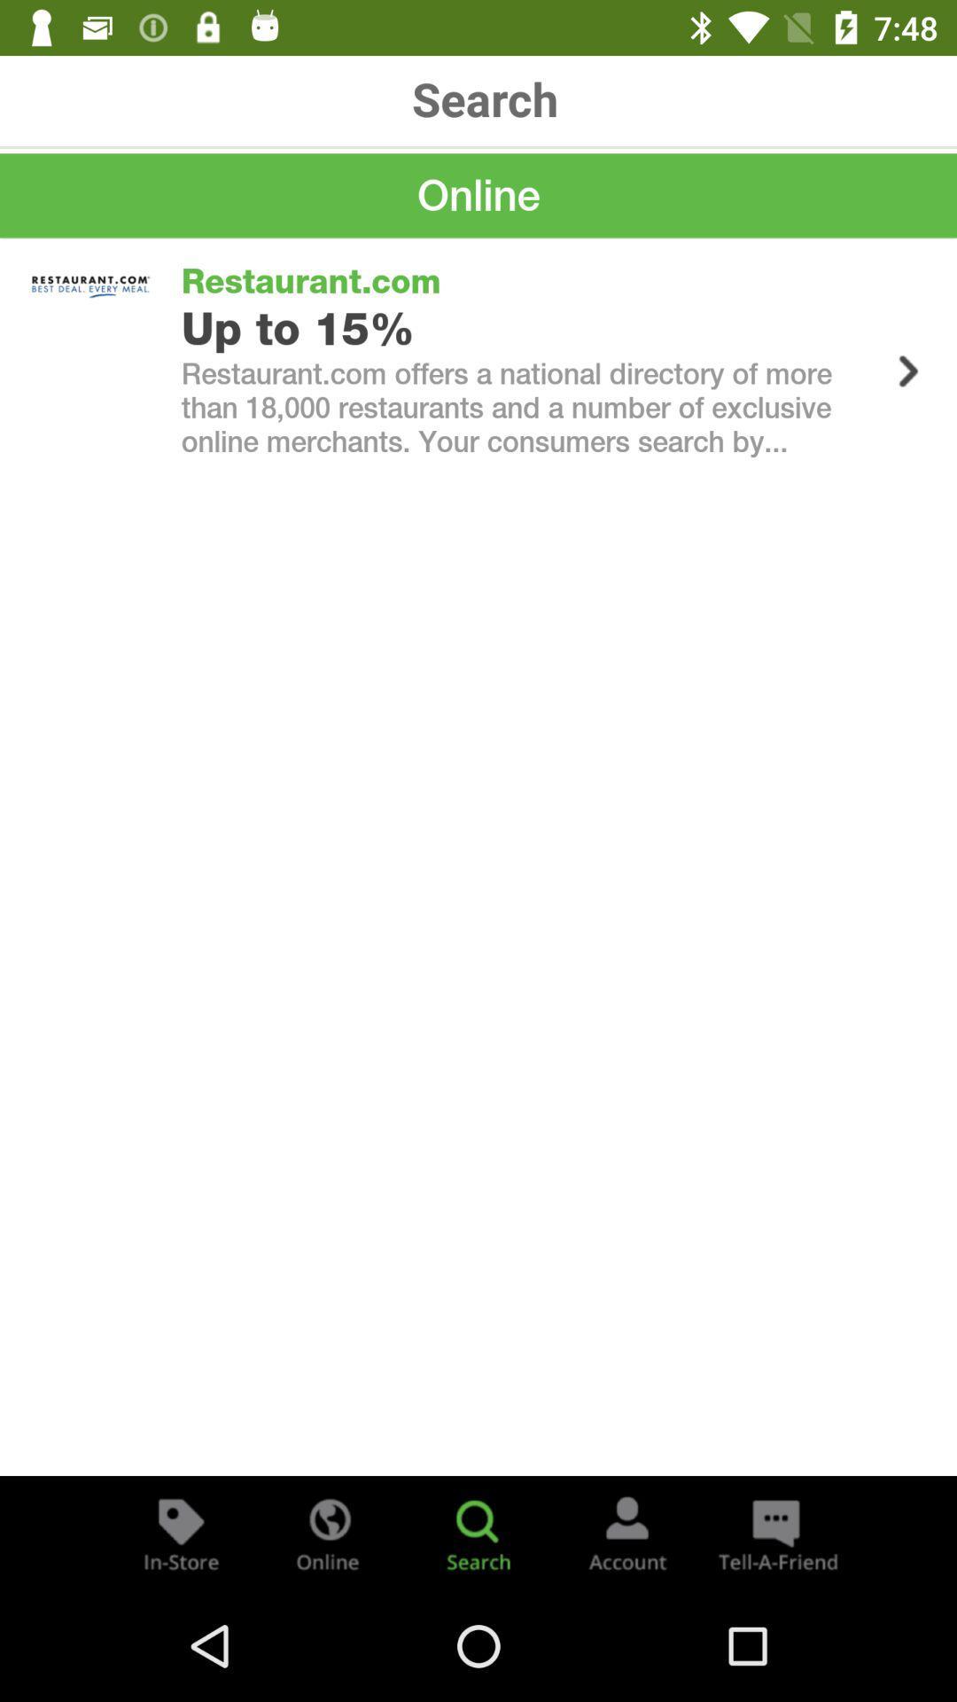 This screenshot has width=957, height=1702. What do you see at coordinates (774, 1532) in the screenshot?
I see `the chat icon` at bounding box center [774, 1532].